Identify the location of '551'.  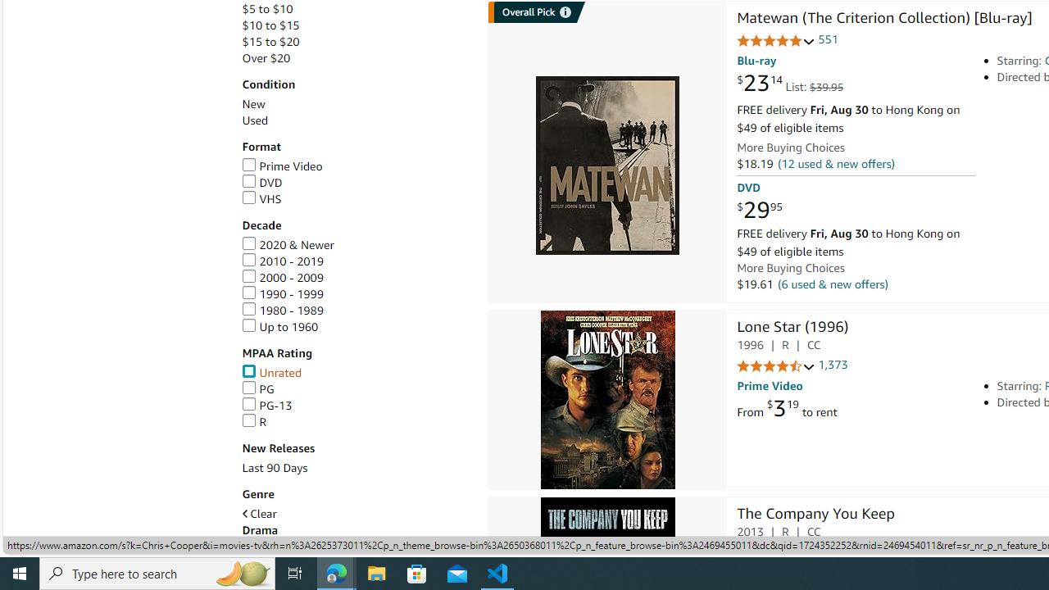
(828, 39).